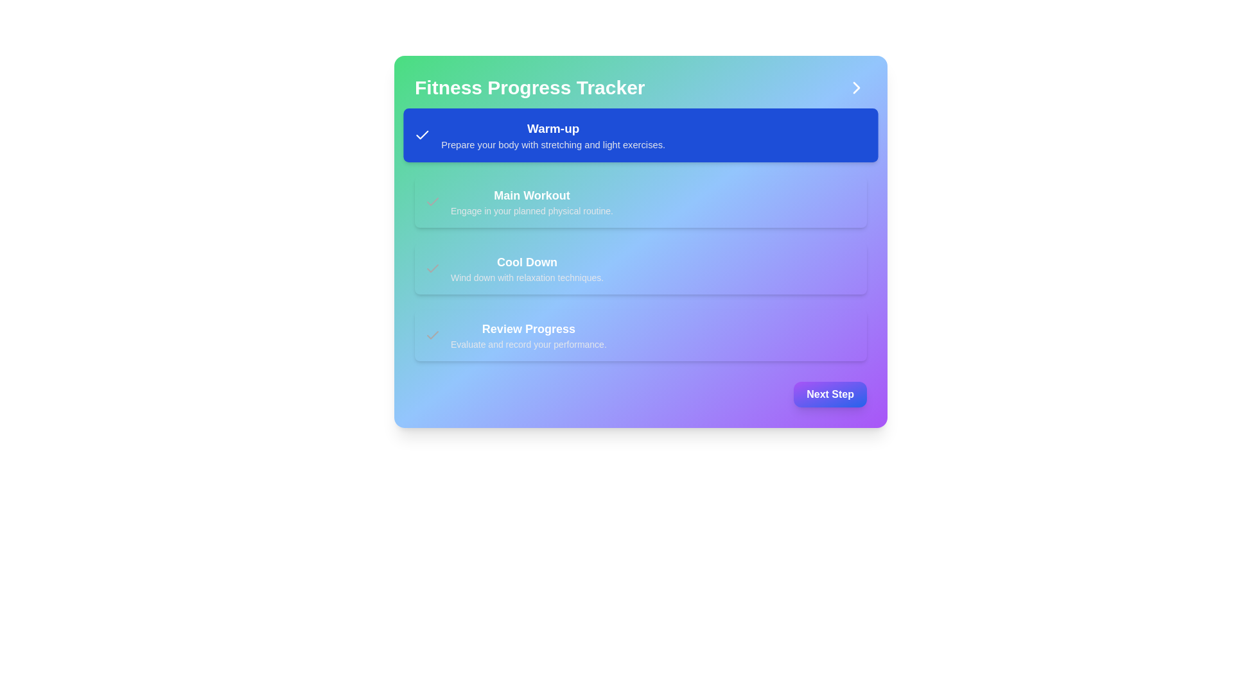 This screenshot has height=693, width=1233. What do you see at coordinates (529, 343) in the screenshot?
I see `the static text label that reads 'Evaluate and record your performance.' located underneath the heading 'Review Progress.'` at bounding box center [529, 343].